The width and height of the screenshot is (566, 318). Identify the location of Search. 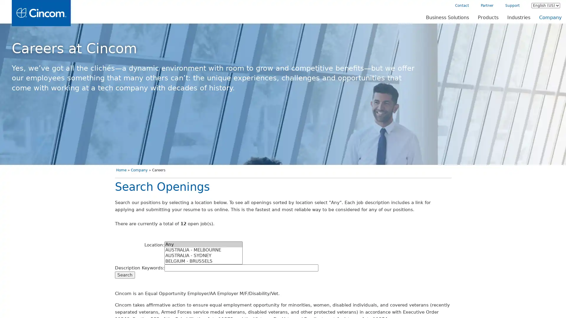
(116, 275).